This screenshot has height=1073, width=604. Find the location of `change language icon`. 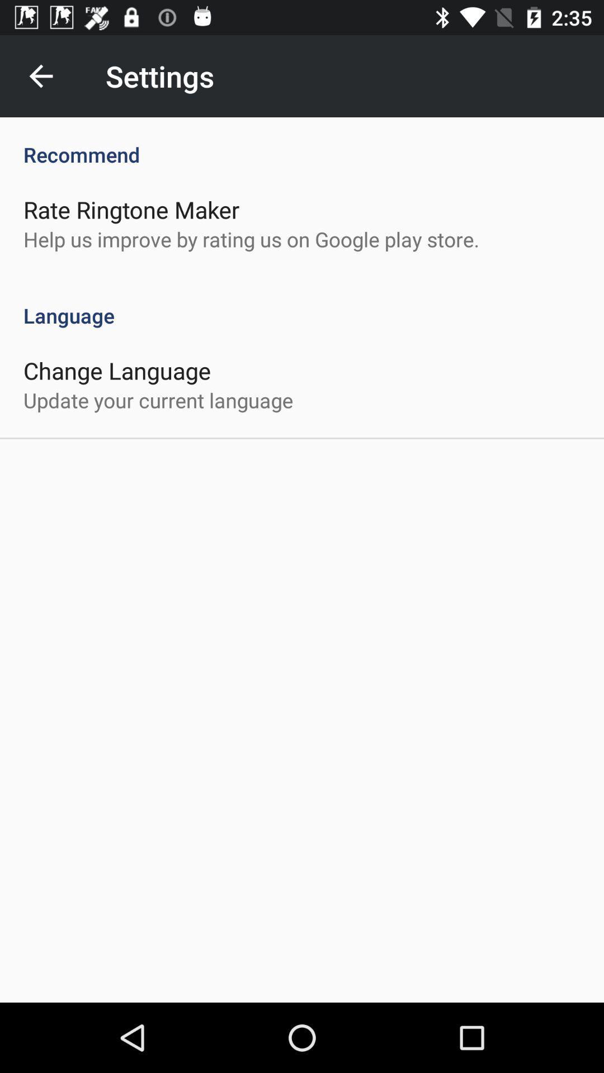

change language icon is located at coordinates (117, 370).